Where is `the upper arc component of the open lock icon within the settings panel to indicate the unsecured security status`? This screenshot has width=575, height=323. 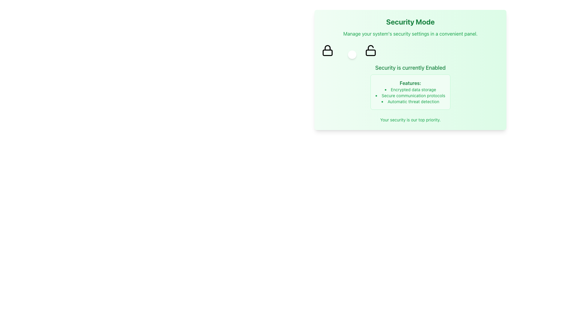 the upper arc component of the open lock icon within the settings panel to indicate the unsecured security status is located at coordinates (370, 47).